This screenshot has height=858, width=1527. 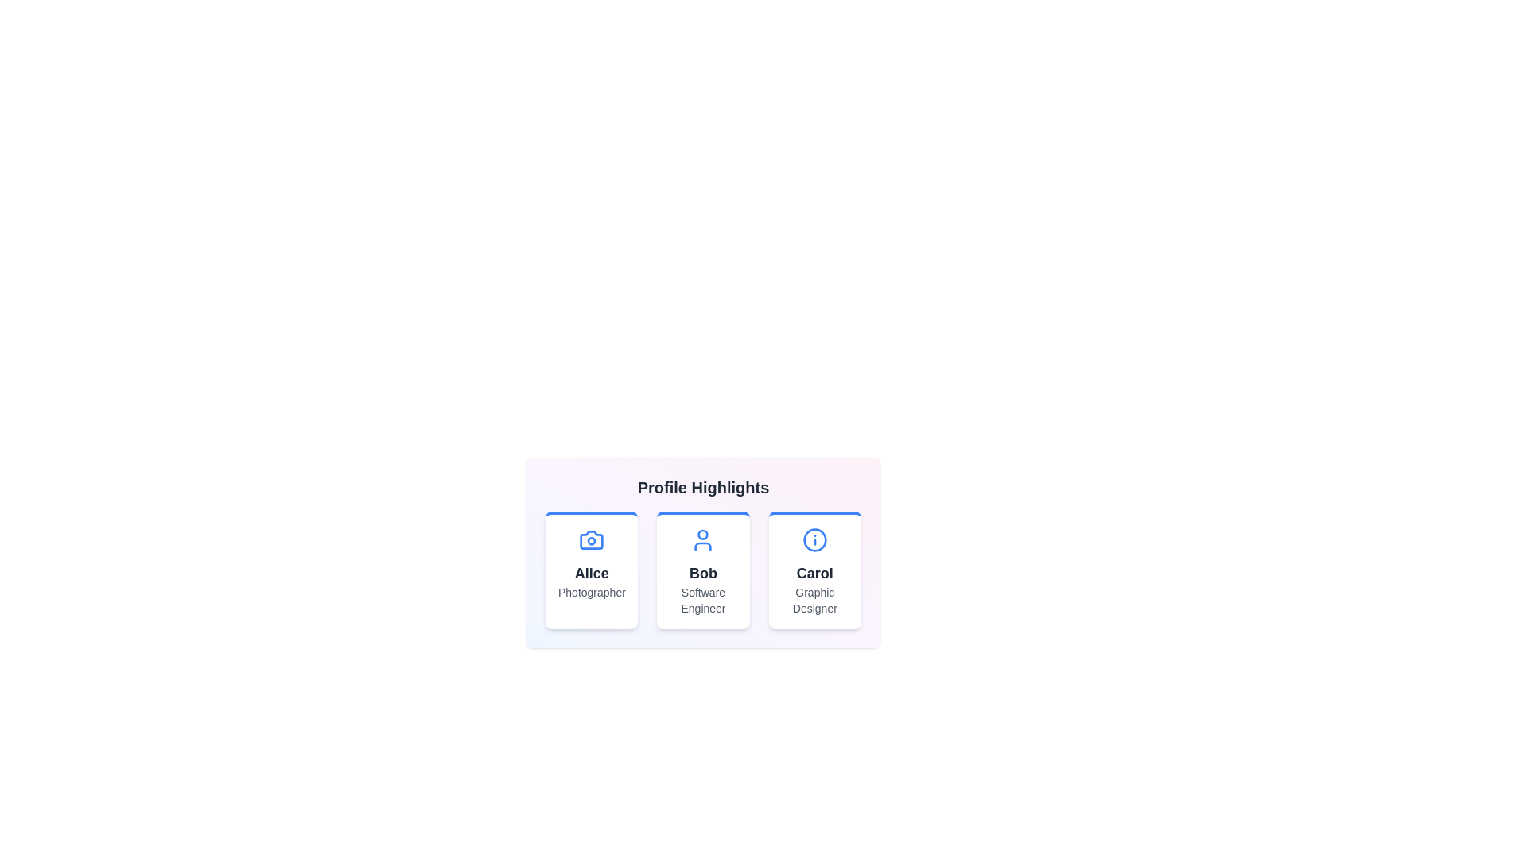 I want to click on the profile card for Carol, so click(x=814, y=569).